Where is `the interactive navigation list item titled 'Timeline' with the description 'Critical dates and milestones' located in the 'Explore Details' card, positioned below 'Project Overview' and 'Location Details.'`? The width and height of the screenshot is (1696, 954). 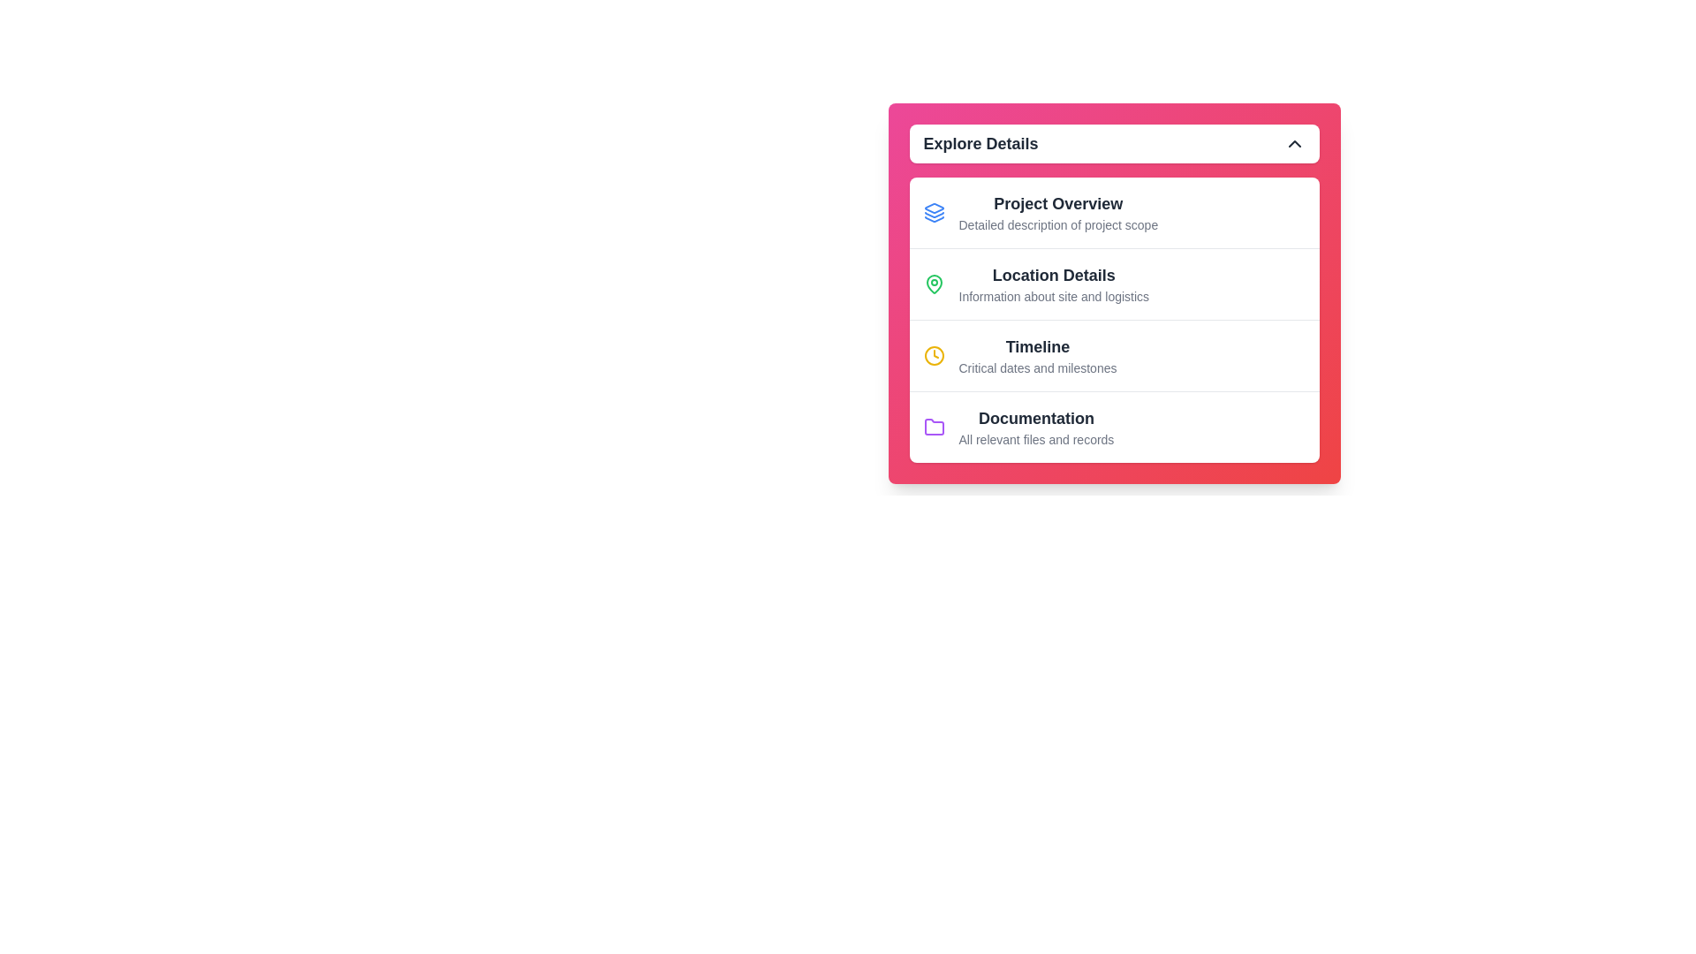
the interactive navigation list item titled 'Timeline' with the description 'Critical dates and milestones' located in the 'Explore Details' card, positioned below 'Project Overview' and 'Location Details.' is located at coordinates (1038, 355).